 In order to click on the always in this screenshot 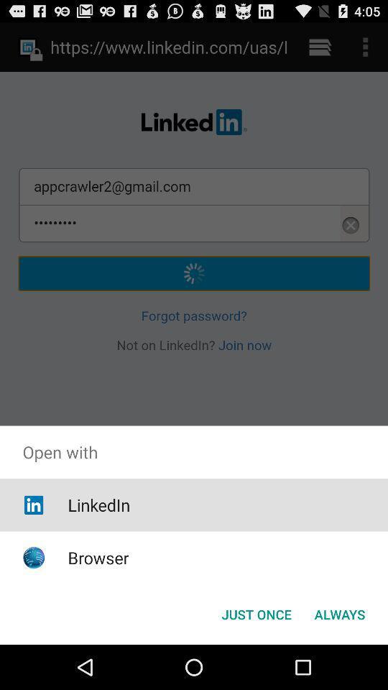, I will do `click(339, 613)`.